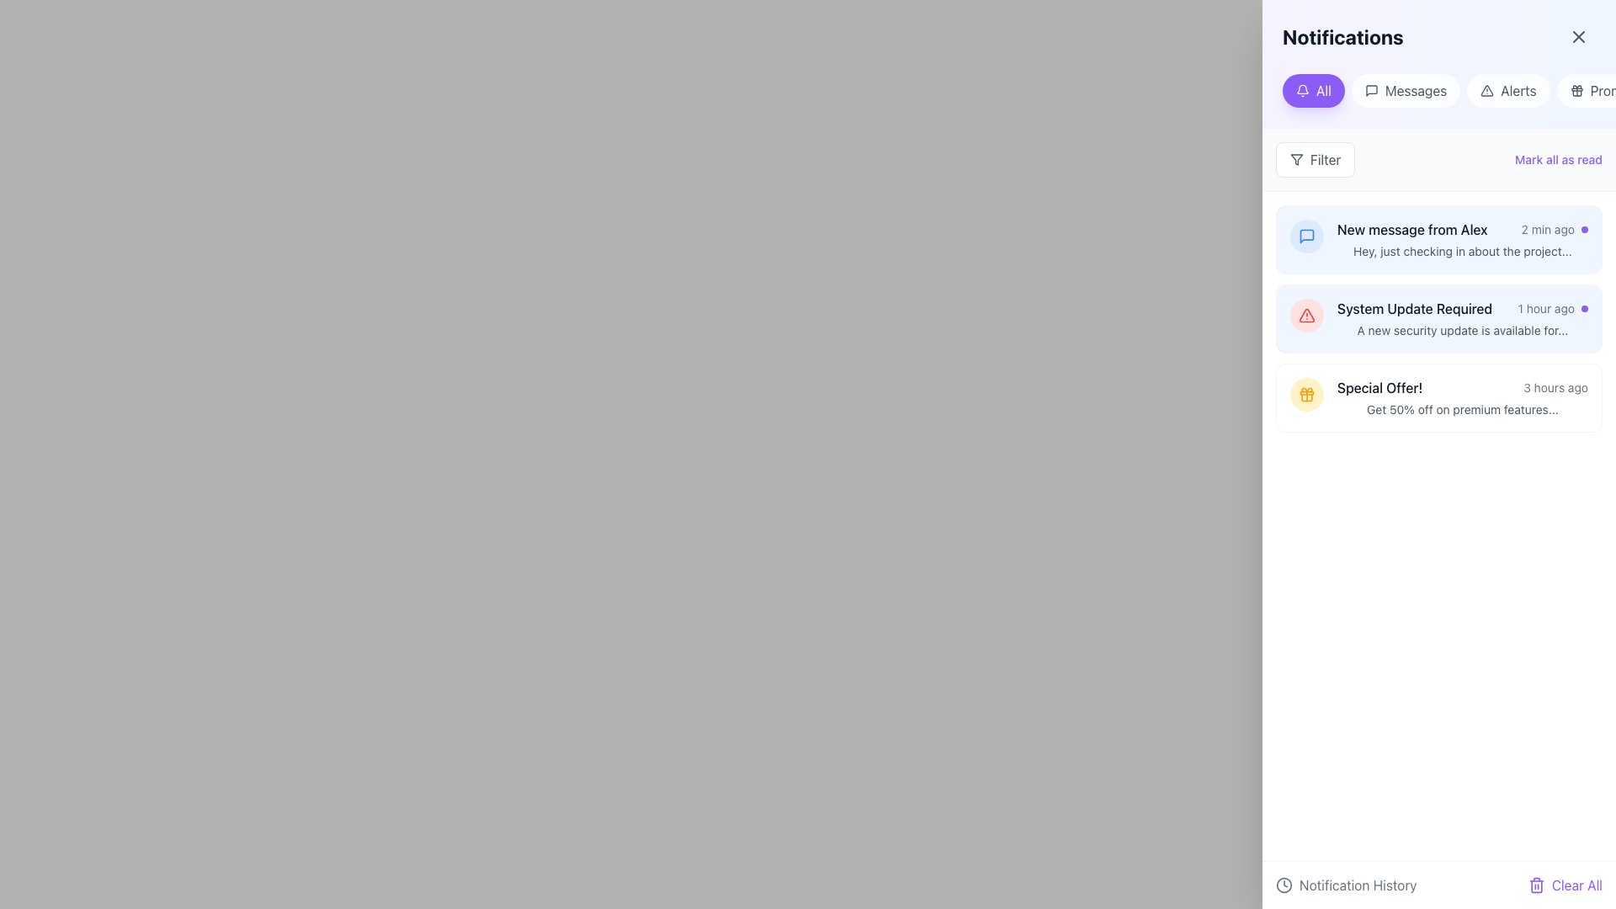 Image resolution: width=1616 pixels, height=909 pixels. I want to click on the speech bubble icon representing messages, located to the left of the 'Messages' text in the upper section of the interface, so click(1371, 91).